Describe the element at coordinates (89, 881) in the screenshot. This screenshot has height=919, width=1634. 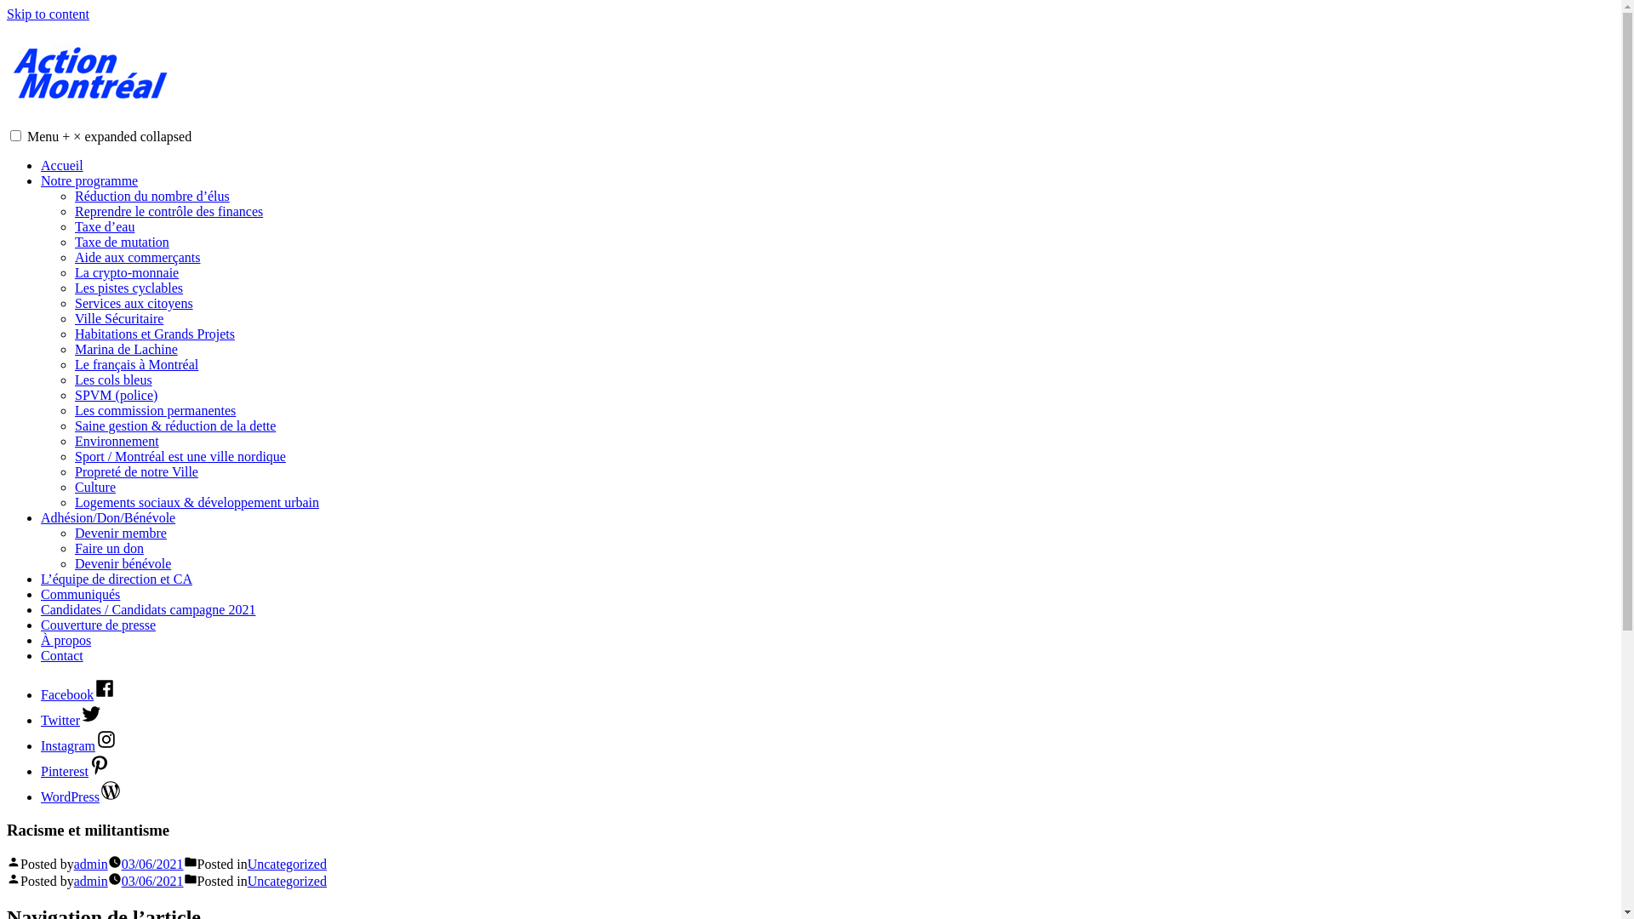
I see `'admin'` at that location.